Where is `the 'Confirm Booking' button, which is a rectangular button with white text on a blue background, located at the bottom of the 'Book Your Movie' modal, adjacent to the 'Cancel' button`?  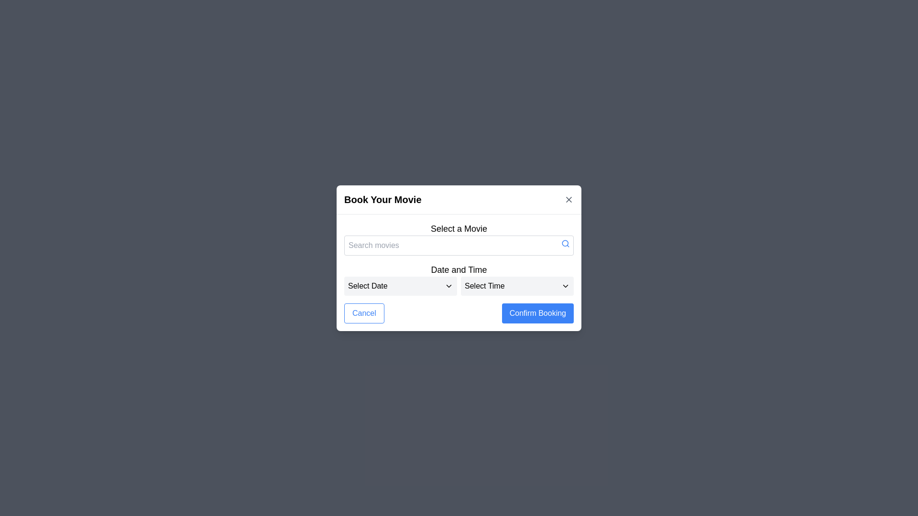
the 'Confirm Booking' button, which is a rectangular button with white text on a blue background, located at the bottom of the 'Book Your Movie' modal, adjacent to the 'Cancel' button is located at coordinates (537, 313).